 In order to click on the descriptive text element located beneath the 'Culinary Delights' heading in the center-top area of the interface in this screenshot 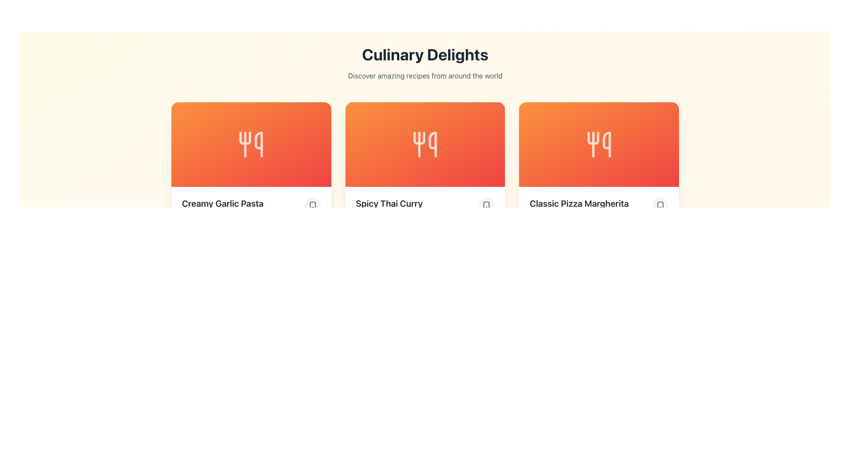, I will do `click(425, 75)`.